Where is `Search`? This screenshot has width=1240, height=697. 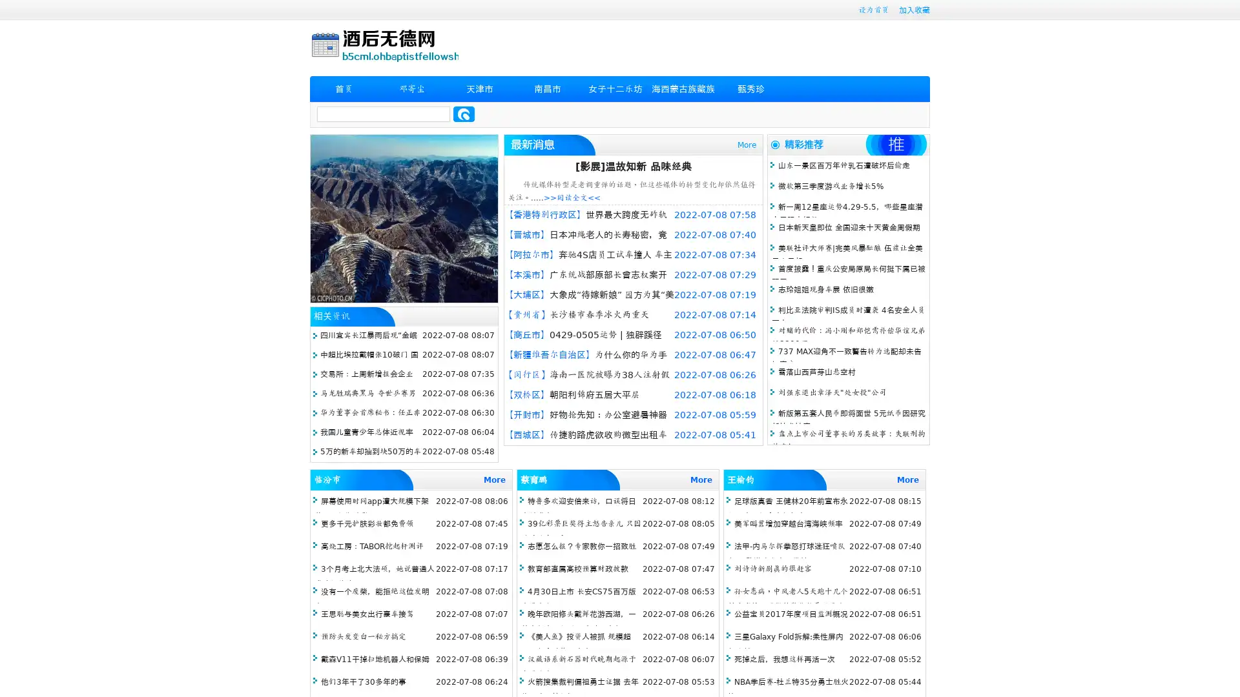 Search is located at coordinates (464, 114).